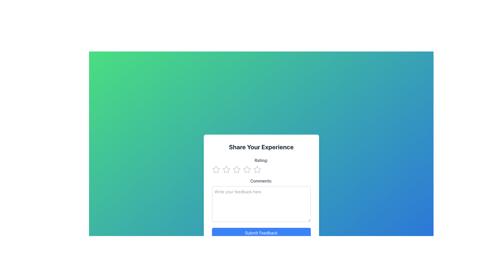  Describe the element at coordinates (261, 170) in the screenshot. I see `the interactive star-based rating control located below the 'Rating:' title to set a rating` at that location.